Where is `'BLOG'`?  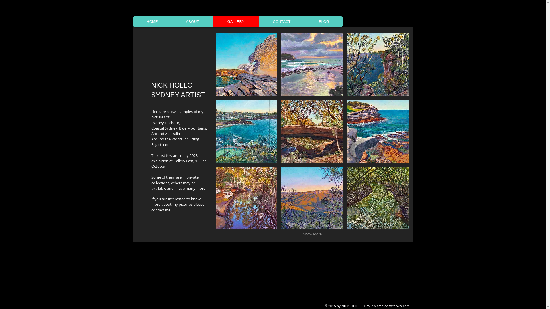
'BLOG' is located at coordinates (324, 21).